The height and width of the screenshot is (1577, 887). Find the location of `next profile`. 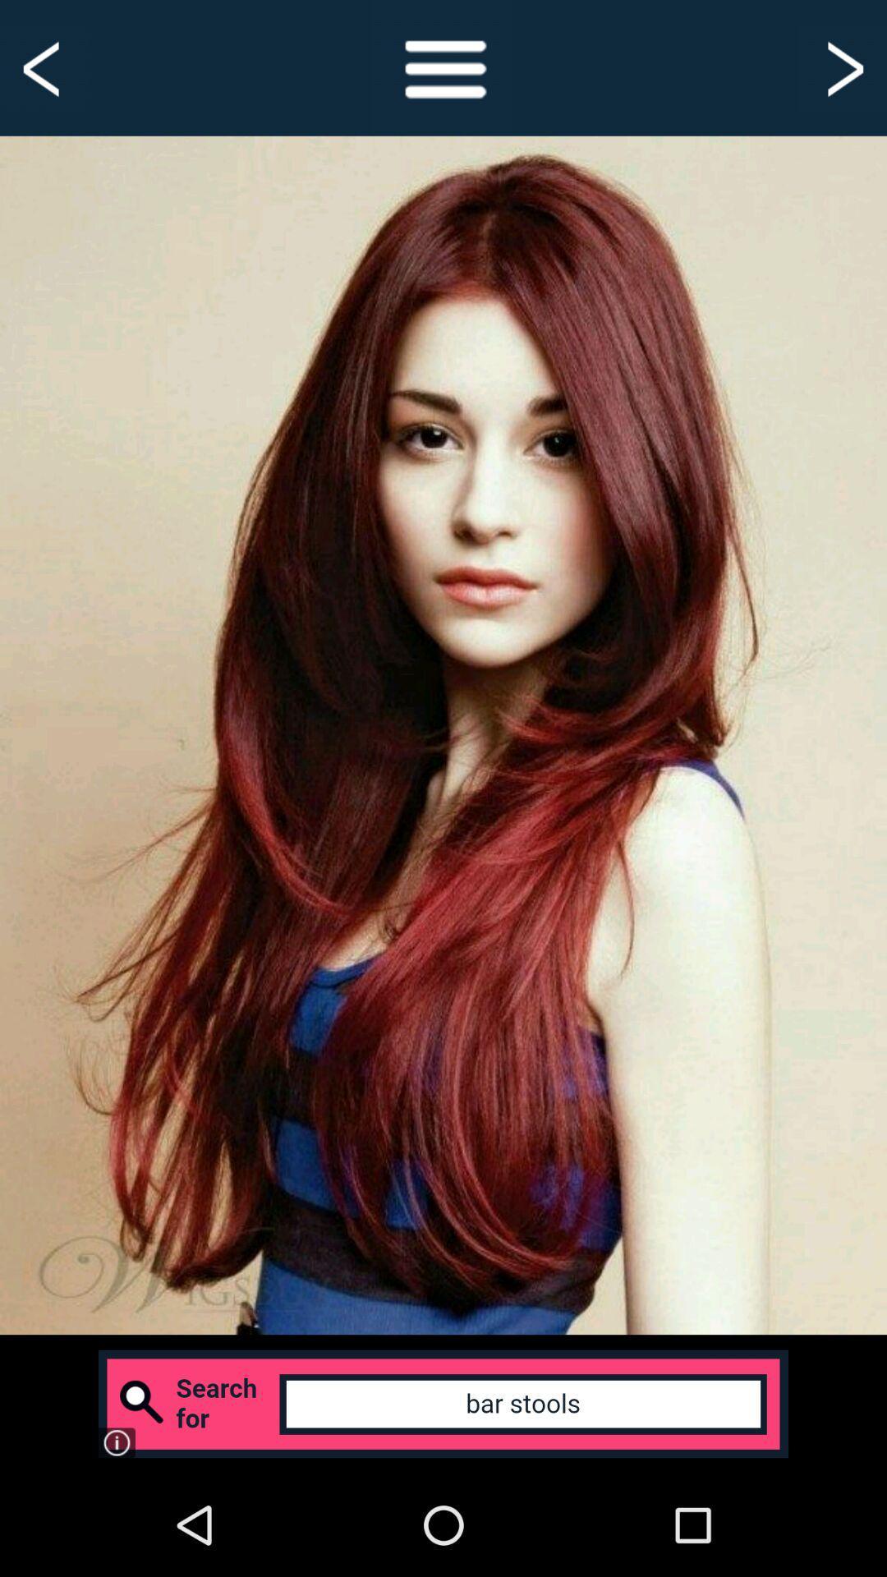

next profile is located at coordinates (843, 67).